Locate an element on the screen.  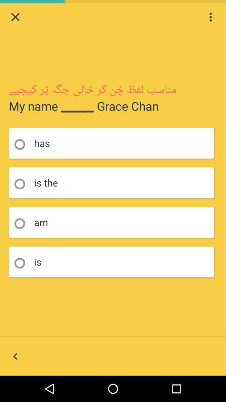
the current window is located at coordinates (15, 16).